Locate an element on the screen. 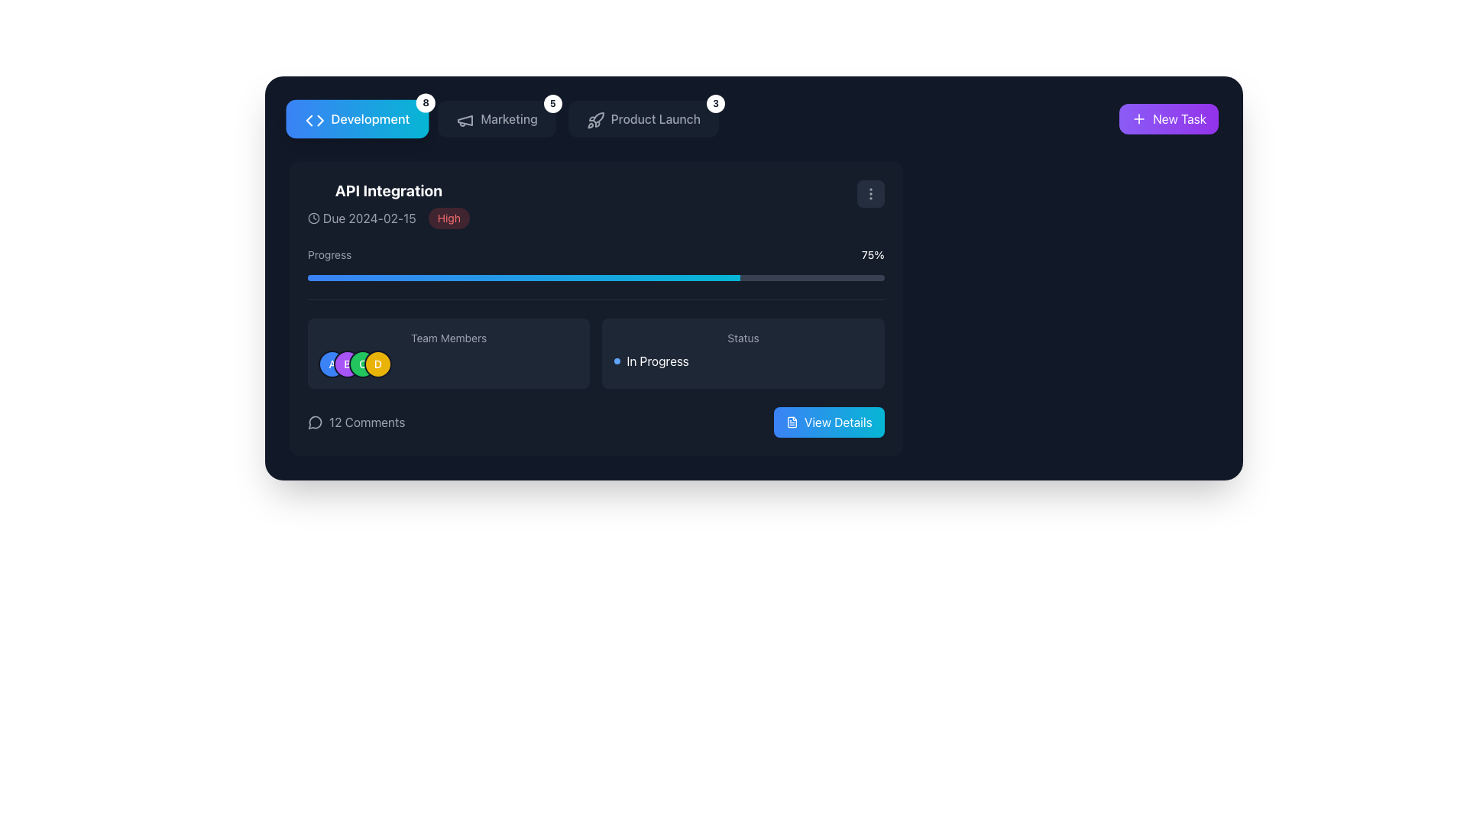 The width and height of the screenshot is (1467, 825). the 'Status' section of the Panel grouped information display is located at coordinates (595, 368).